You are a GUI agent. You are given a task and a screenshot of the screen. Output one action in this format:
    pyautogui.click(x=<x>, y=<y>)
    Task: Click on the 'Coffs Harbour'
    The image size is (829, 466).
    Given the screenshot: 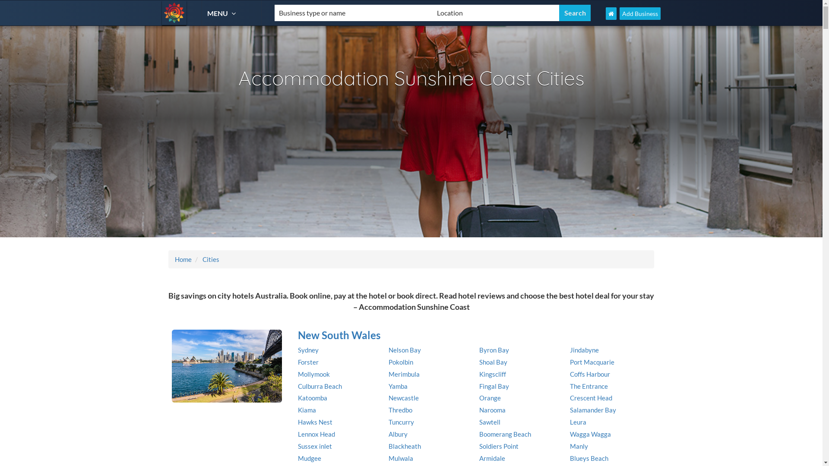 What is the action you would take?
    pyautogui.click(x=570, y=374)
    